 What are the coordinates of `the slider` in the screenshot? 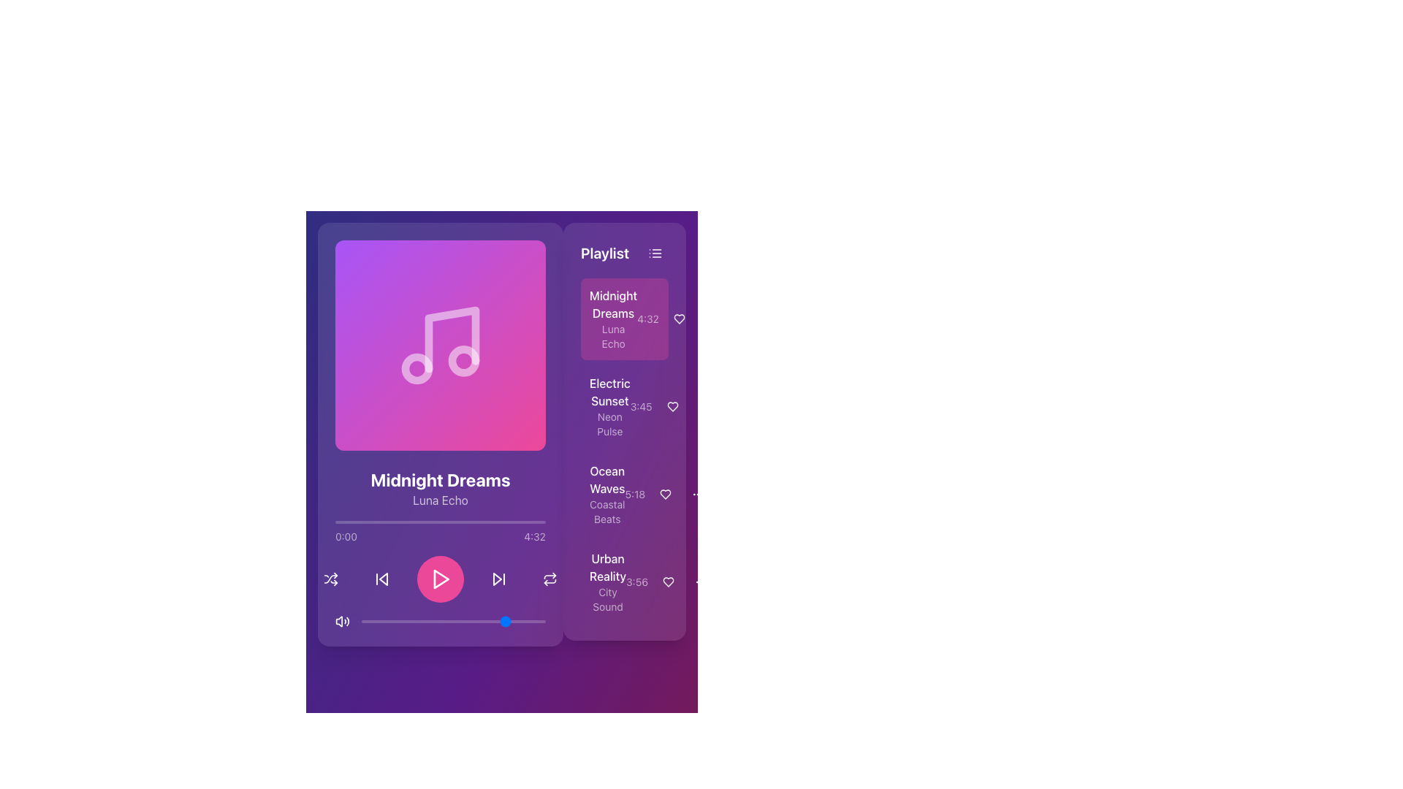 It's located at (419, 622).